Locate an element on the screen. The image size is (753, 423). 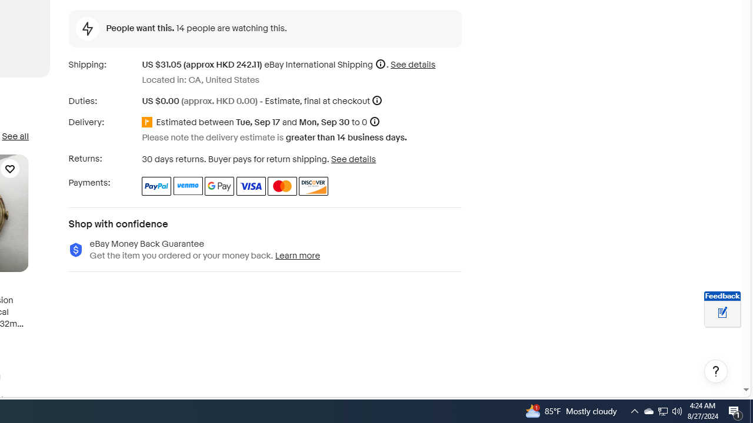
'Help, opens dialogs' is located at coordinates (715, 371).